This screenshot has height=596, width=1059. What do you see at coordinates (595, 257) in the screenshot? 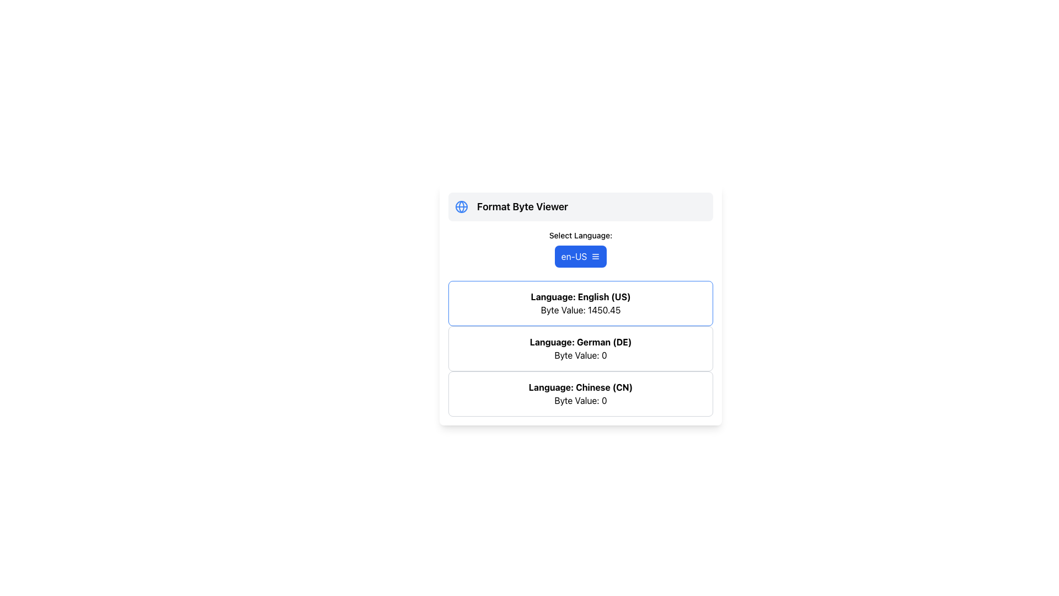
I see `the icon located to the immediate right of the 'en-US' text label within a blue rounded rectangle button` at bounding box center [595, 257].